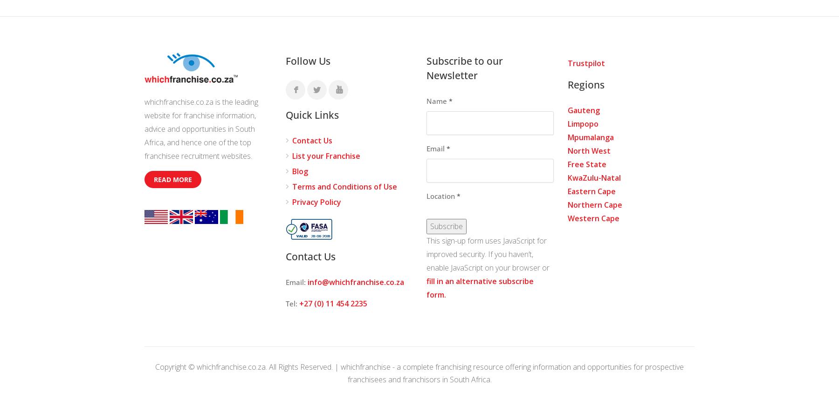 The image size is (839, 400). What do you see at coordinates (583, 110) in the screenshot?
I see `'Gauteng'` at bounding box center [583, 110].